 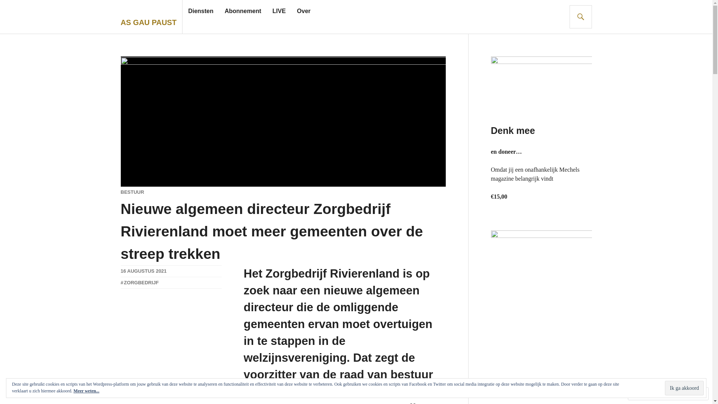 What do you see at coordinates (201, 11) in the screenshot?
I see `'Diensten'` at bounding box center [201, 11].